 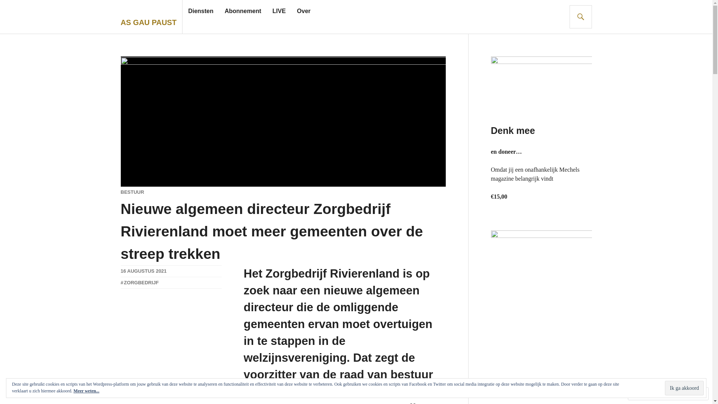 What do you see at coordinates (201, 11) in the screenshot?
I see `'Diensten'` at bounding box center [201, 11].